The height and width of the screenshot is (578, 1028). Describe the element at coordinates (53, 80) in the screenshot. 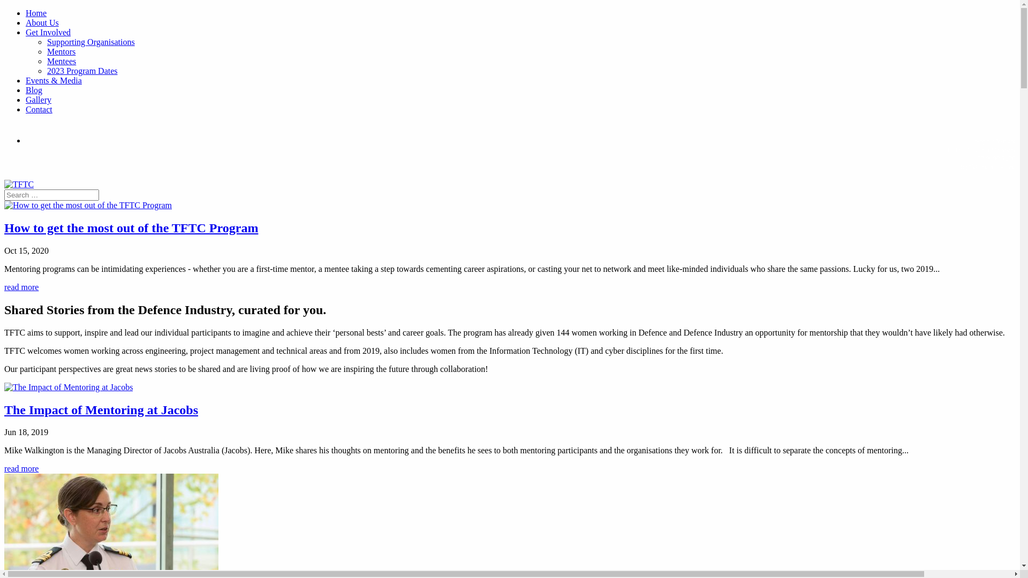

I see `'Events & Media'` at that location.